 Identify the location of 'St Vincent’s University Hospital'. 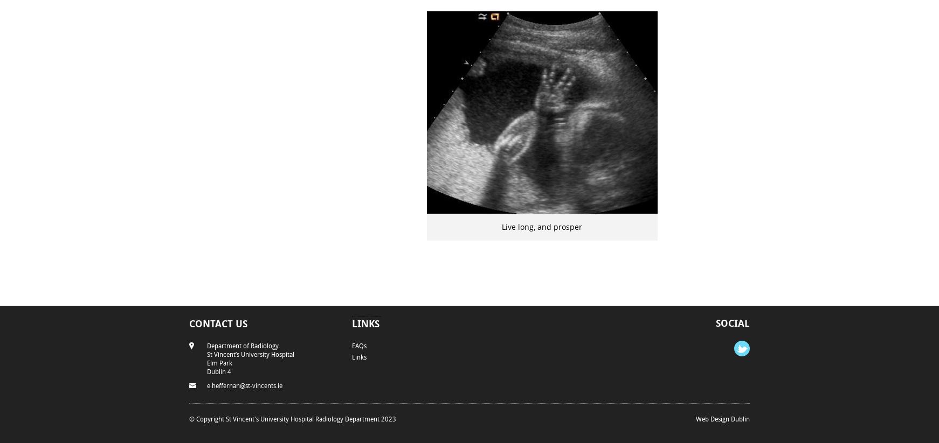
(250, 354).